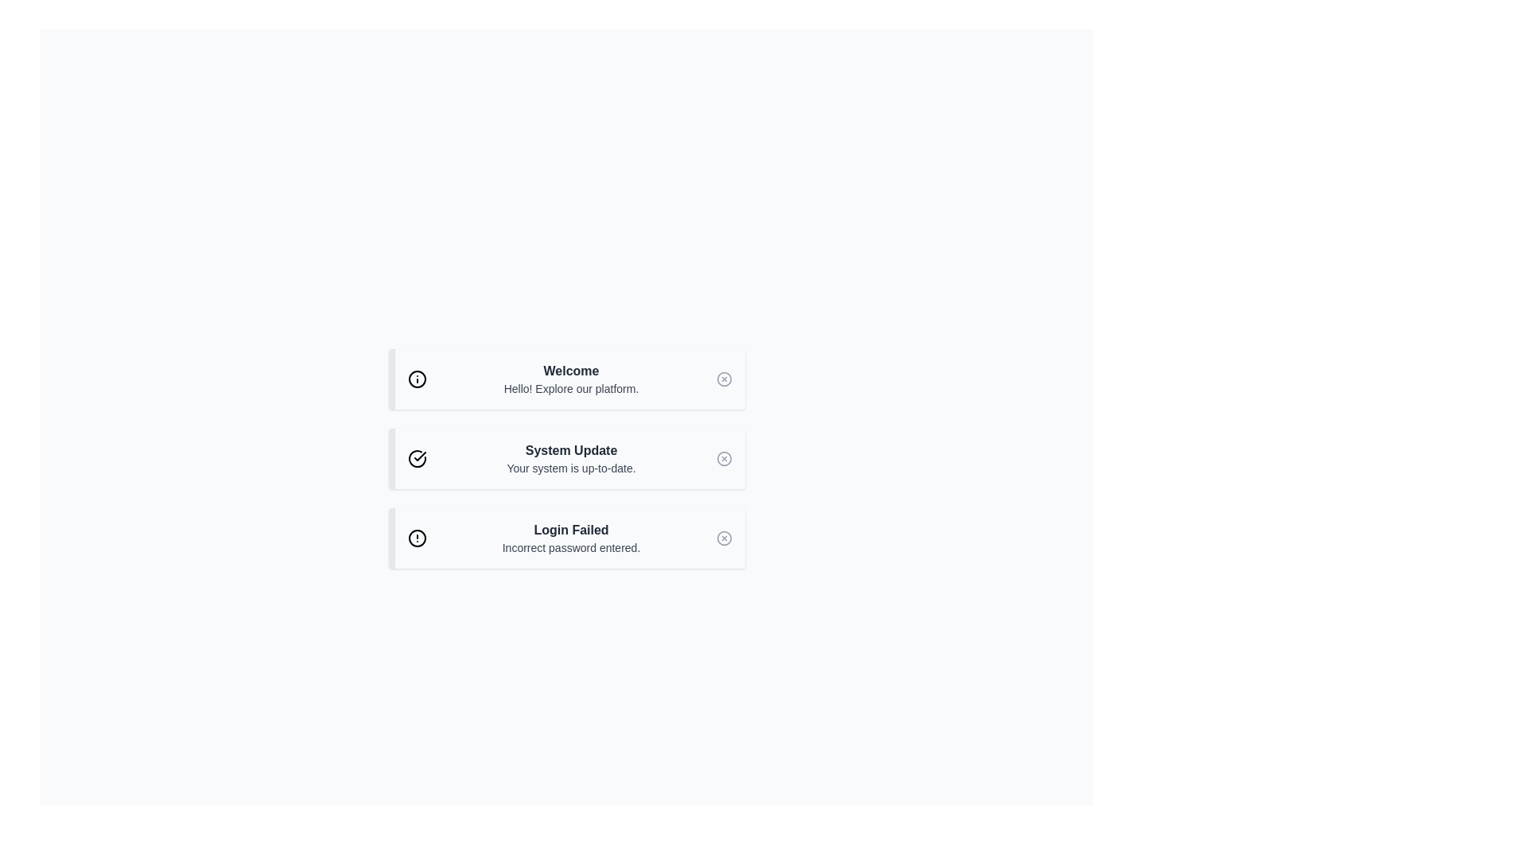 Image resolution: width=1527 pixels, height=859 pixels. I want to click on the close button located at the far-right of the first notification section, adjacent to the 'Welcome' title, so click(723, 379).